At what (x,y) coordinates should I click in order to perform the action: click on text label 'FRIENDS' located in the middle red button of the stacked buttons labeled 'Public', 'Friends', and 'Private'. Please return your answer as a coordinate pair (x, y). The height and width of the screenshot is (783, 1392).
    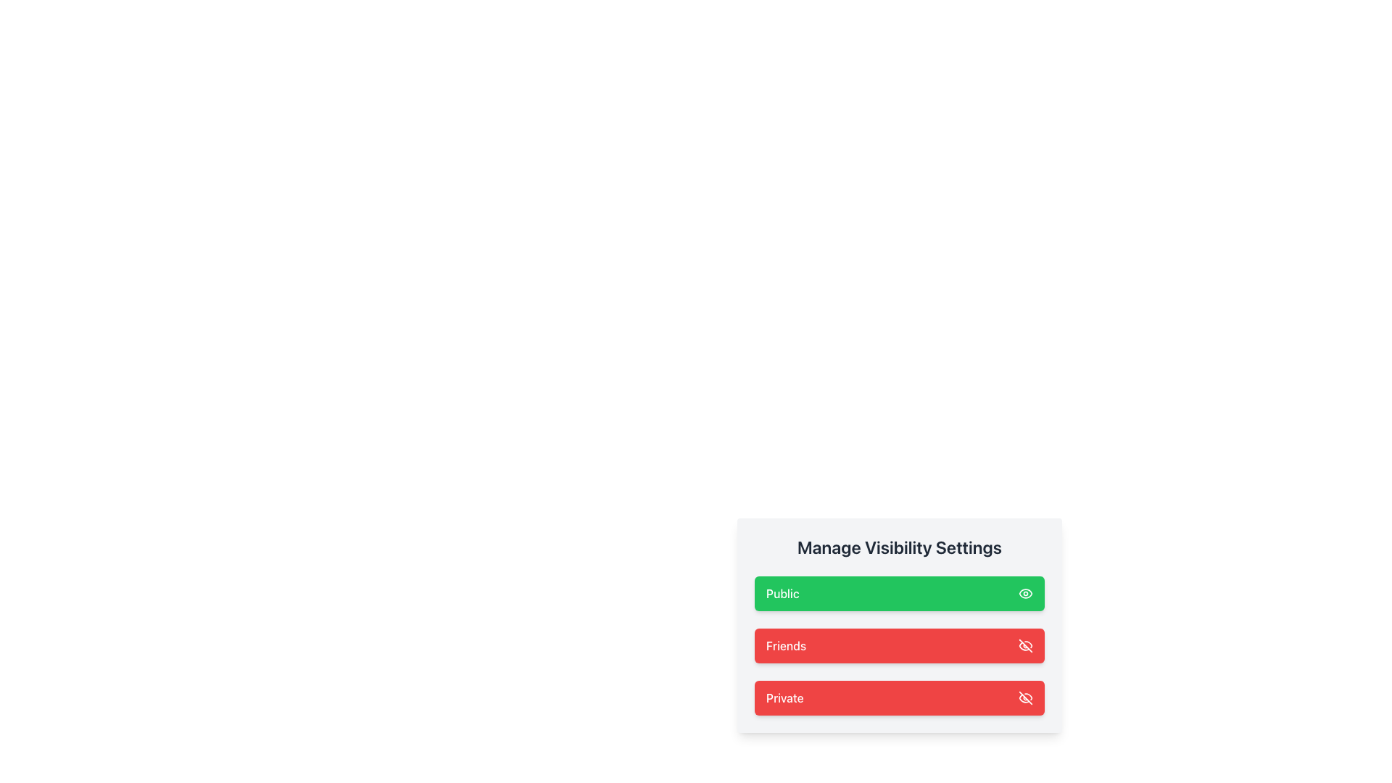
    Looking at the image, I should click on (785, 645).